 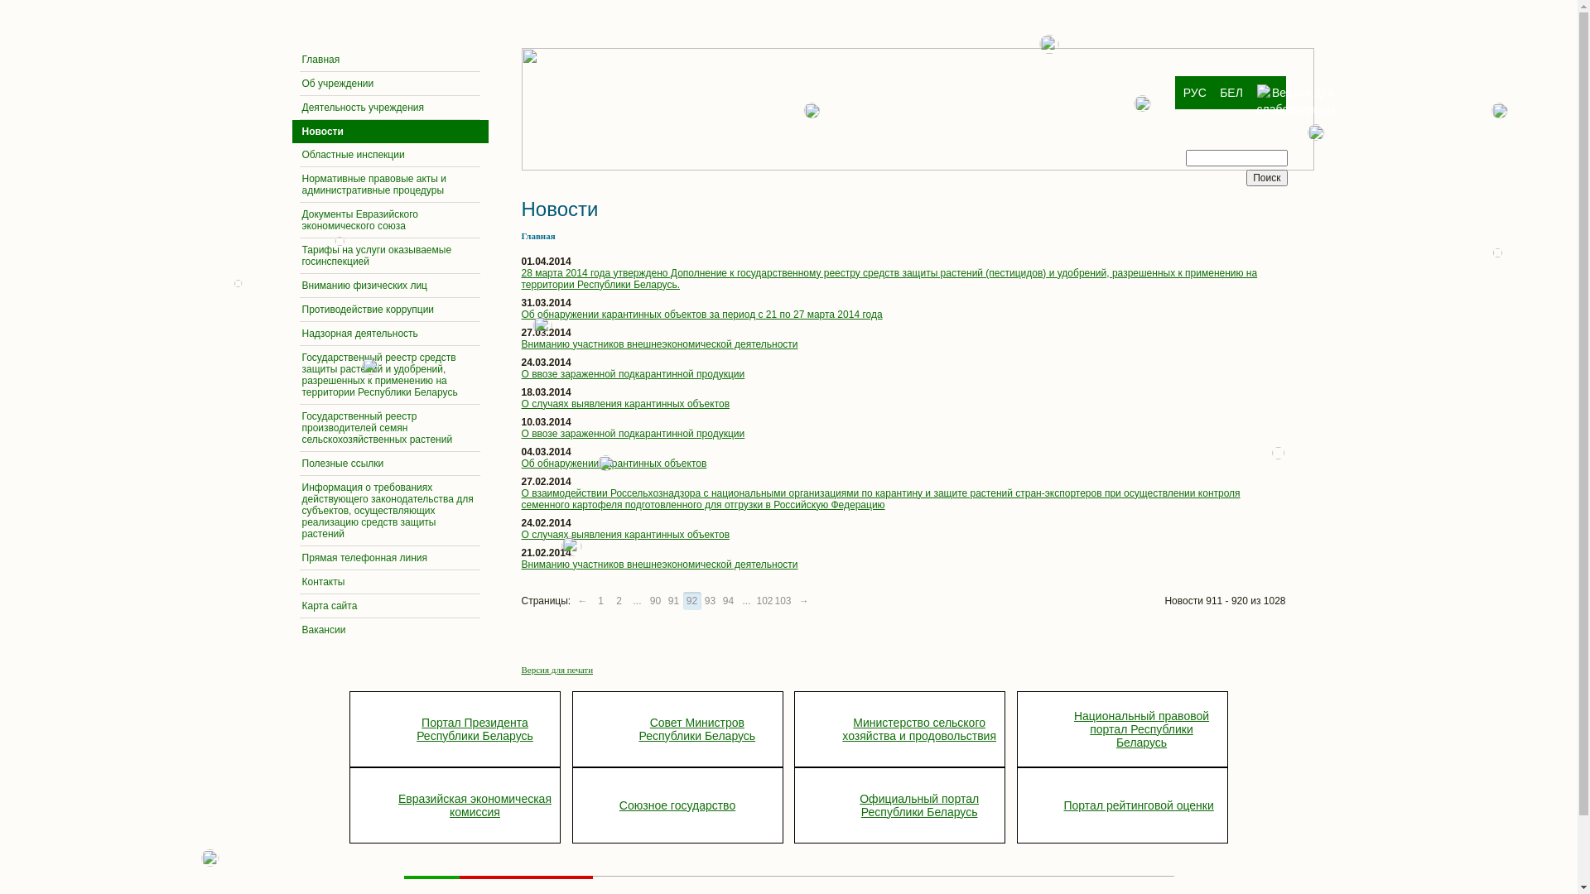 What do you see at coordinates (609, 600) in the screenshot?
I see `'2'` at bounding box center [609, 600].